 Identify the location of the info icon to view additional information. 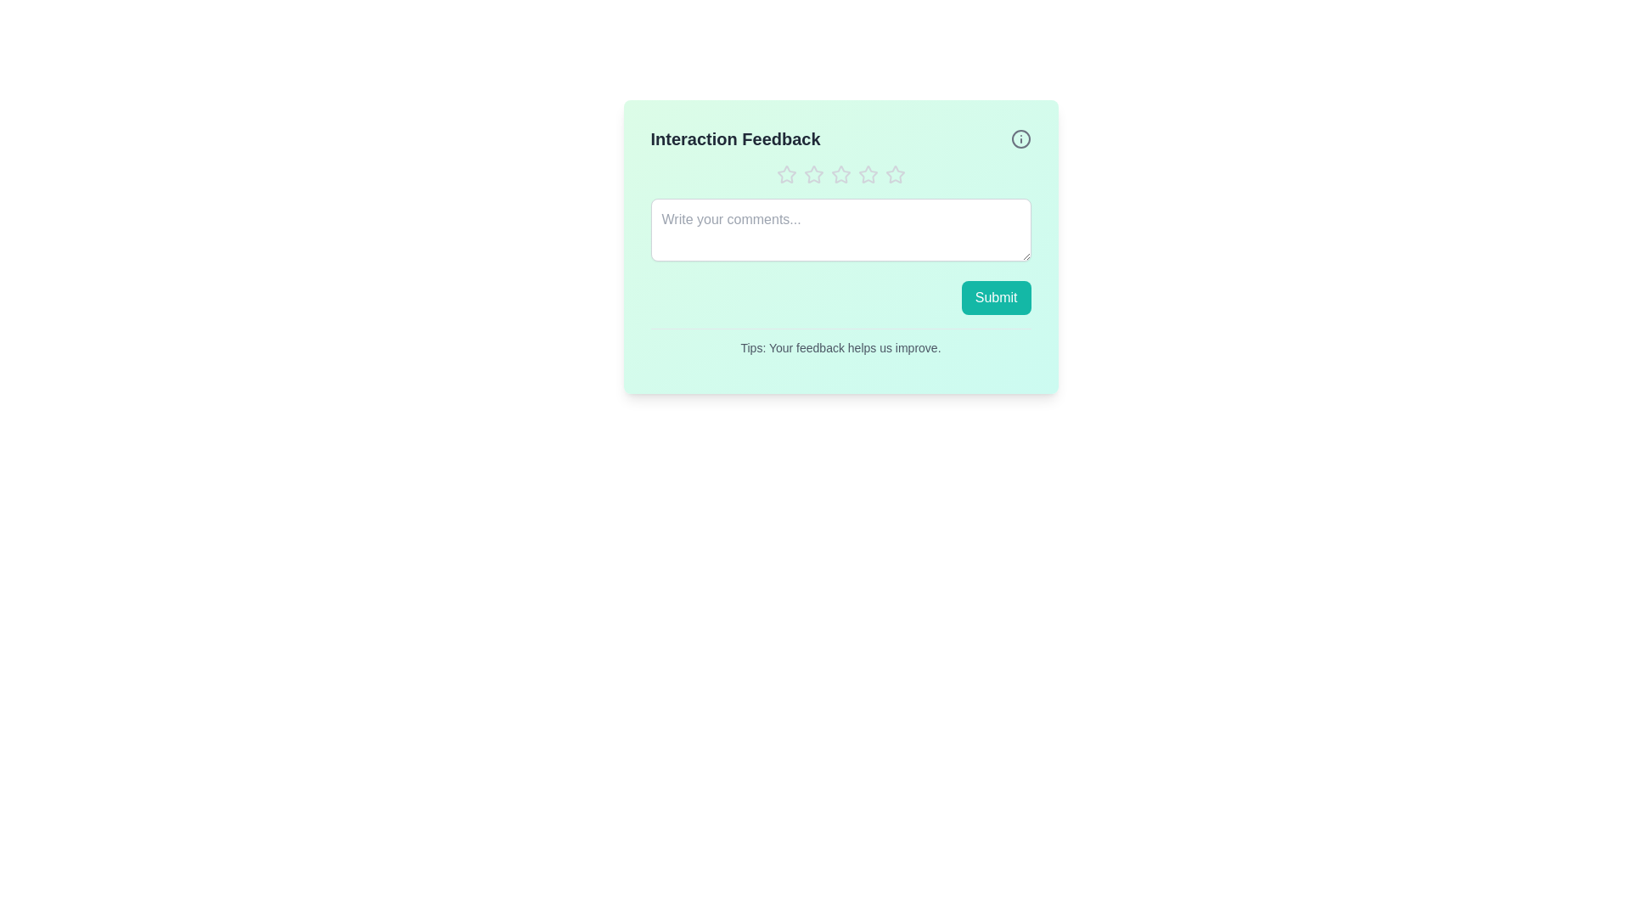
(1020, 138).